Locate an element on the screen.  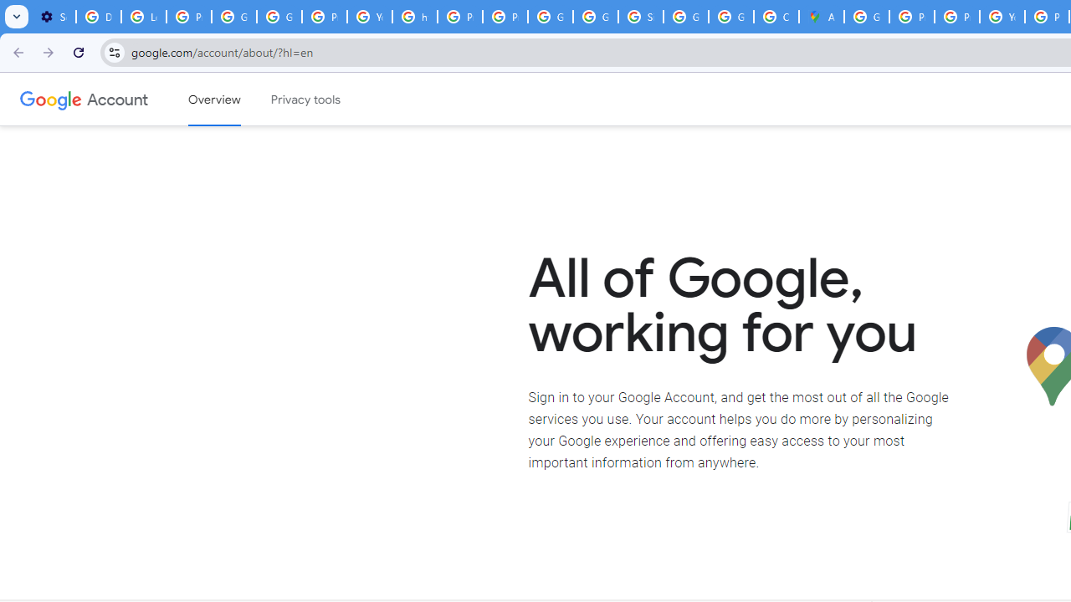
'Google Account' is located at coordinates (116, 99).